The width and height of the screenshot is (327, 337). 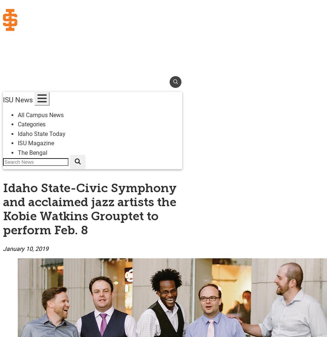 What do you see at coordinates (43, 67) in the screenshot?
I see `'Colleges and Schools'` at bounding box center [43, 67].